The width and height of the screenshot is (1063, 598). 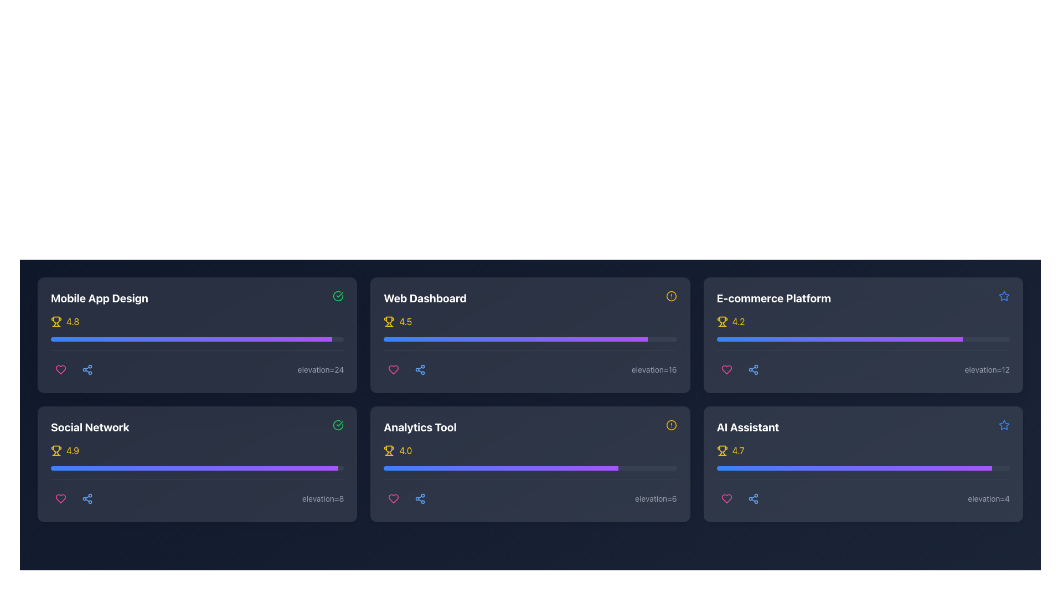 What do you see at coordinates (656, 499) in the screenshot?
I see `the static text label displaying the elevation value located in the bottom-right corner of the 'Analytics Tool' card` at bounding box center [656, 499].